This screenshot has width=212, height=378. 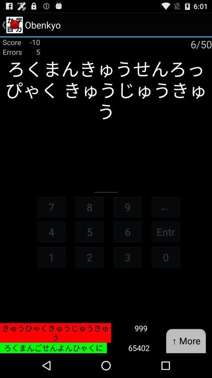 What do you see at coordinates (51, 206) in the screenshot?
I see `icon next to the 8 item` at bounding box center [51, 206].